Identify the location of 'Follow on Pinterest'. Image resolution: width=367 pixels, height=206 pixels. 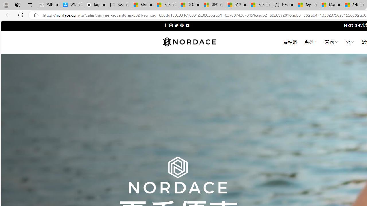
(181, 25).